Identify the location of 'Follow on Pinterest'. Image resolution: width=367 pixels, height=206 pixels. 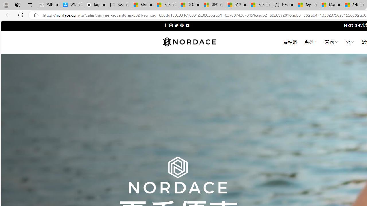
(181, 25).